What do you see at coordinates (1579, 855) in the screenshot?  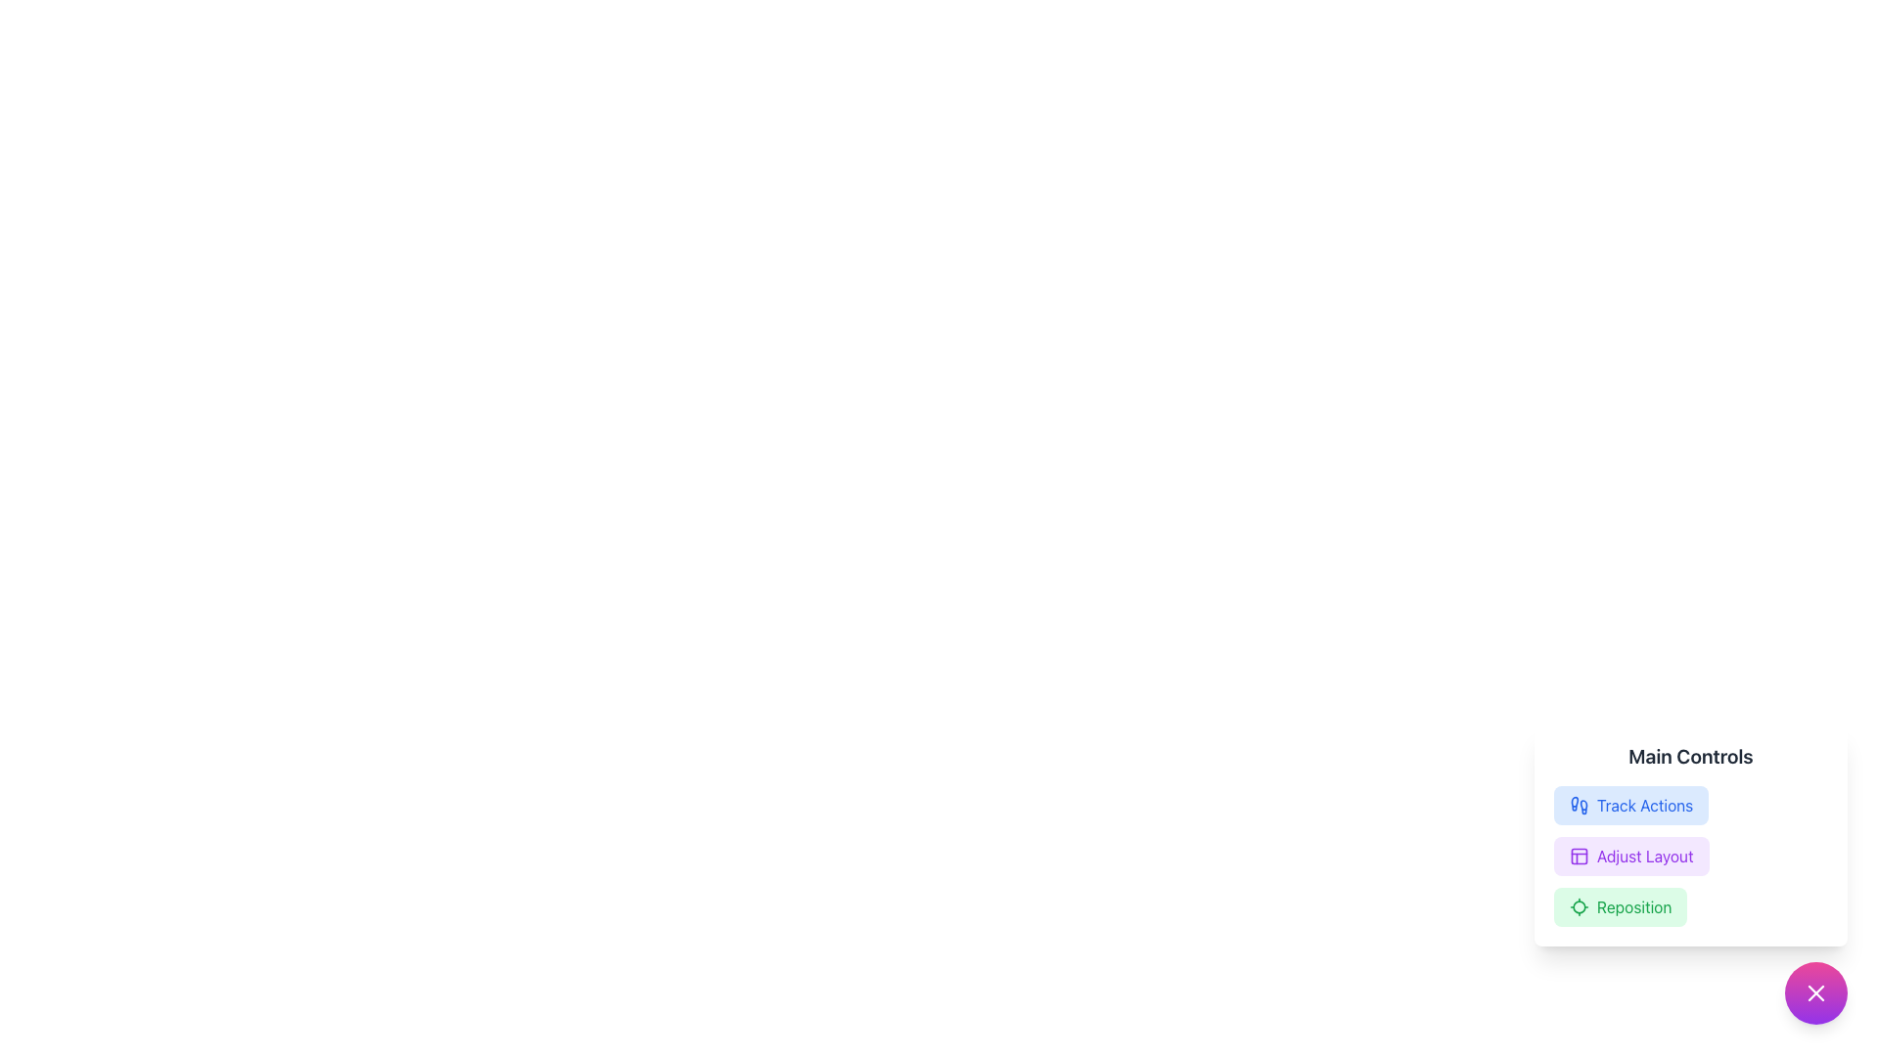 I see `the icon within the 'Adjust Layout' button, which has a purple background and is the second item in the vertical list of controls under the 'Main Controls' group` at bounding box center [1579, 855].